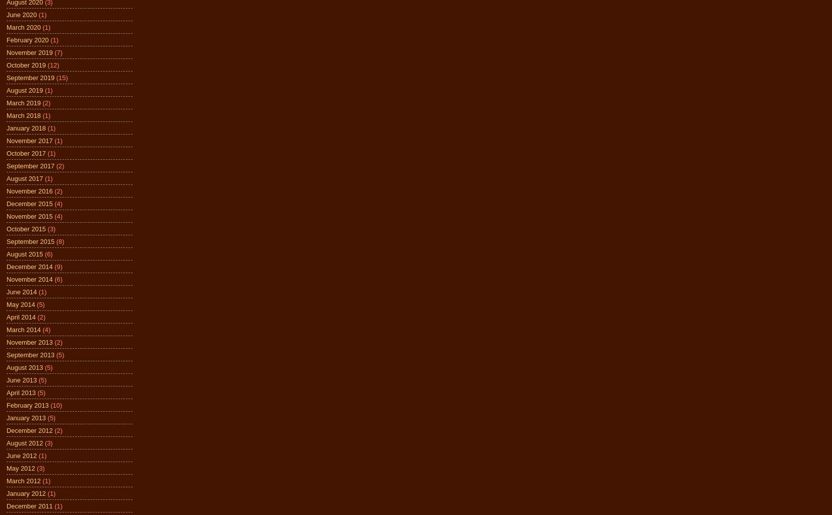  I want to click on 'September 2017', so click(30, 165).